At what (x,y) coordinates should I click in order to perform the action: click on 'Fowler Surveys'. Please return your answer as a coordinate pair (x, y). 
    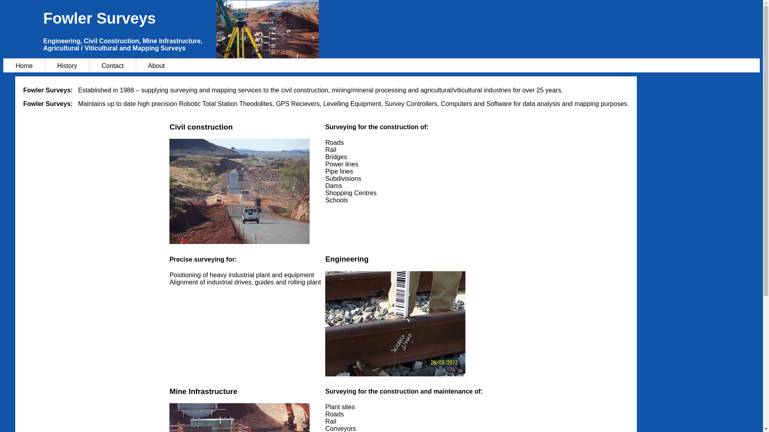
    Looking at the image, I should click on (401, 18).